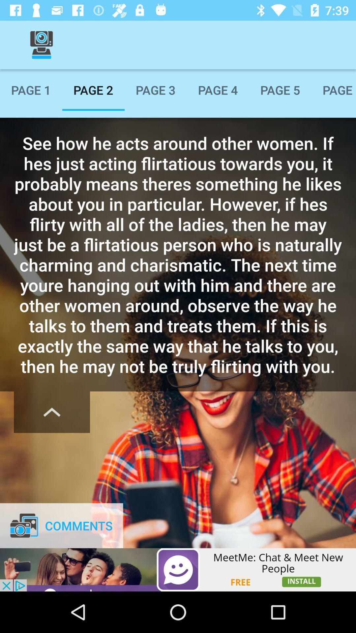  Describe the element at coordinates (51, 412) in the screenshot. I see `switch autoplay option` at that location.